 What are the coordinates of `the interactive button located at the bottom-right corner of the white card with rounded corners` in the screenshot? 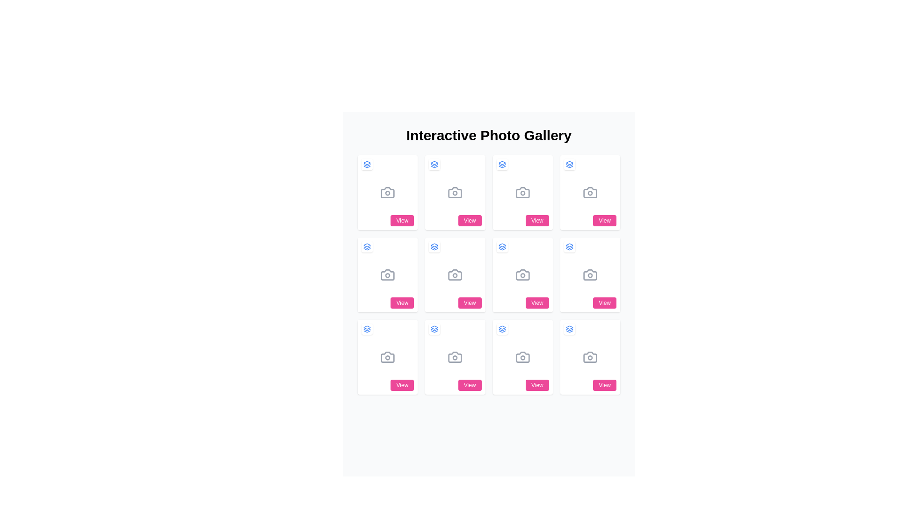 It's located at (402, 385).